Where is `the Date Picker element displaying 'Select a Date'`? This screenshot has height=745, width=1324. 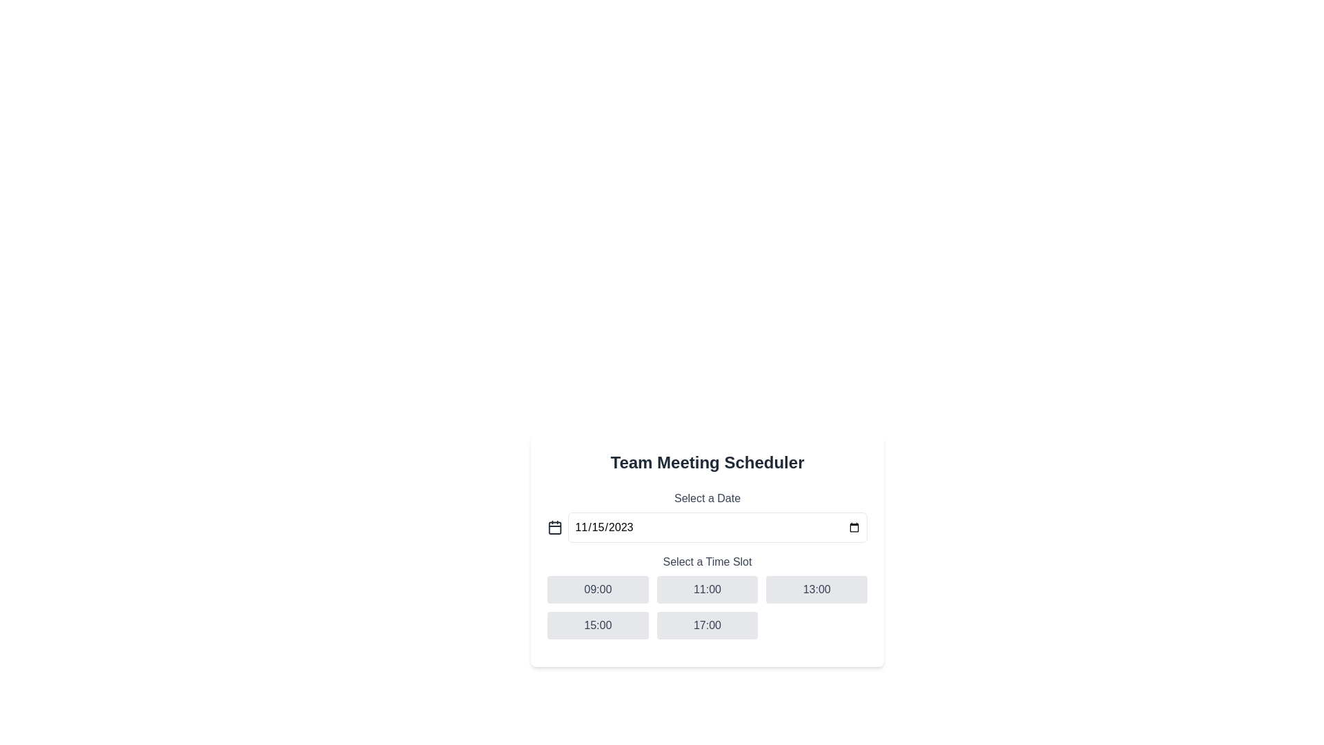 the Date Picker element displaying 'Select a Date' is located at coordinates (708, 516).